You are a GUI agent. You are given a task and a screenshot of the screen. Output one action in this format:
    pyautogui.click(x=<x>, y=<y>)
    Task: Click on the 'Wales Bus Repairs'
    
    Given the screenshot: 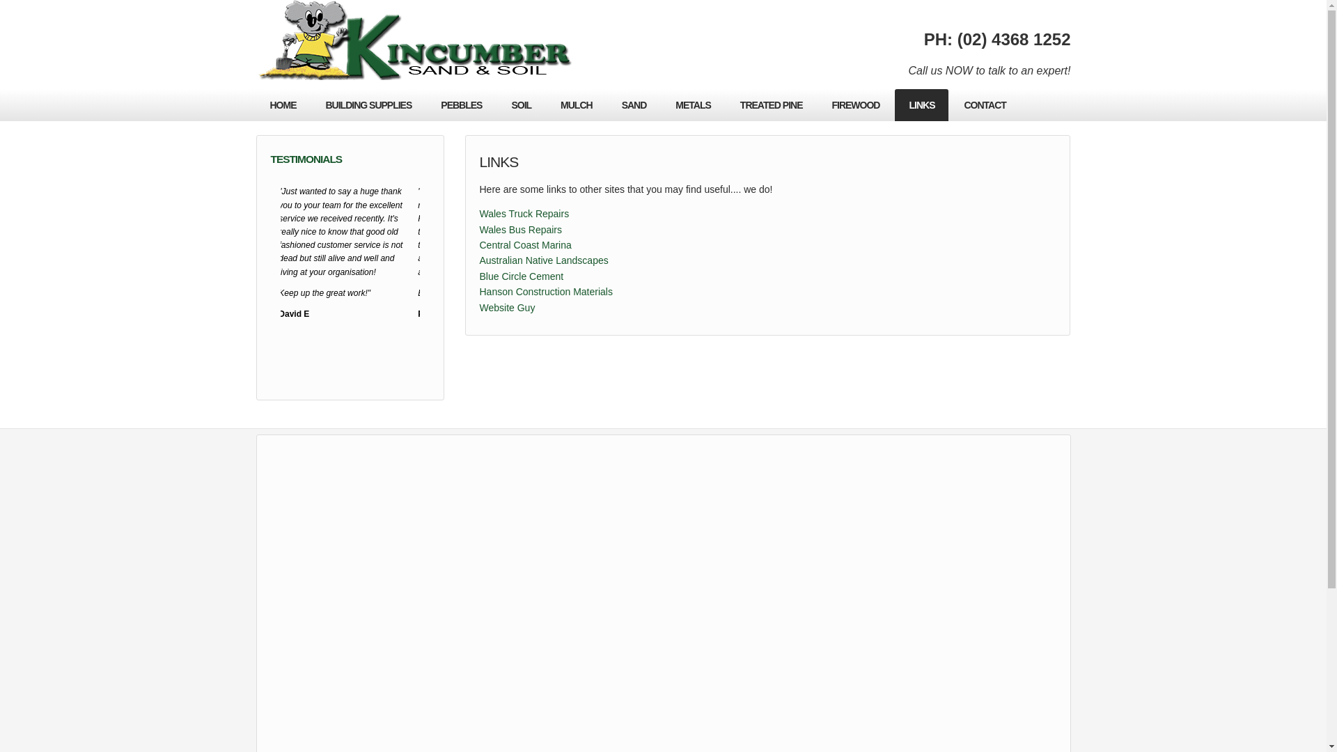 What is the action you would take?
    pyautogui.click(x=519, y=229)
    